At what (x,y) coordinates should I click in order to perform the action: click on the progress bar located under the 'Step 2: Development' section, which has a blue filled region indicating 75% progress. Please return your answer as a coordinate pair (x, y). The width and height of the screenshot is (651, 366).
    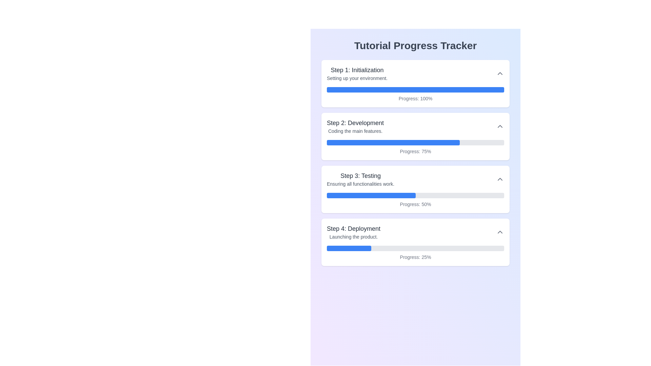
    Looking at the image, I should click on (415, 142).